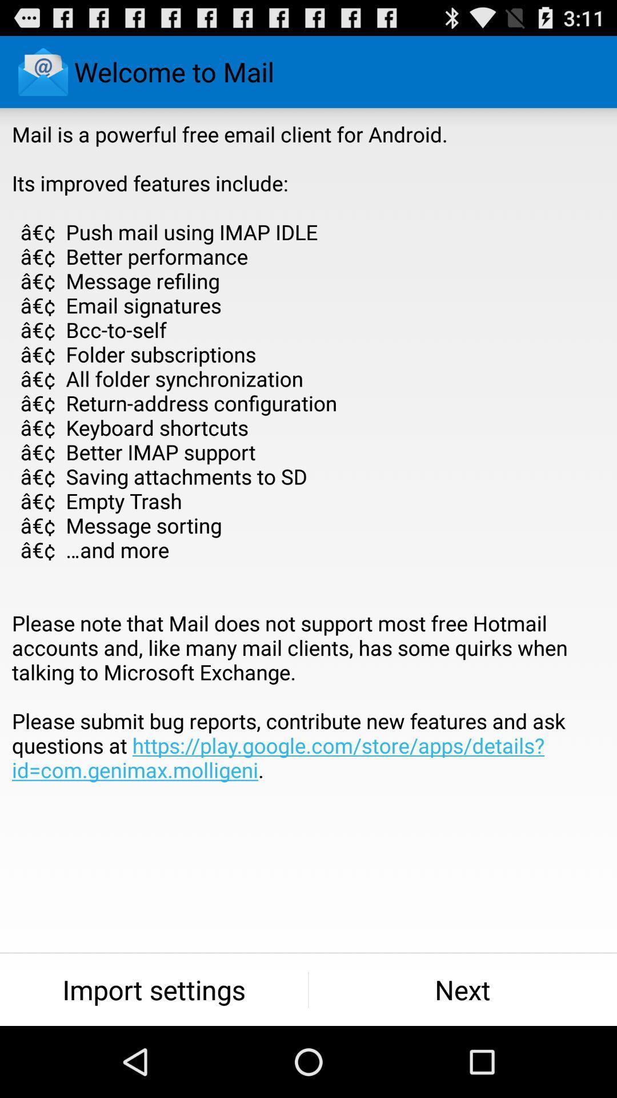 The image size is (617, 1098). Describe the element at coordinates (153, 989) in the screenshot. I see `icon at the bottom left corner` at that location.